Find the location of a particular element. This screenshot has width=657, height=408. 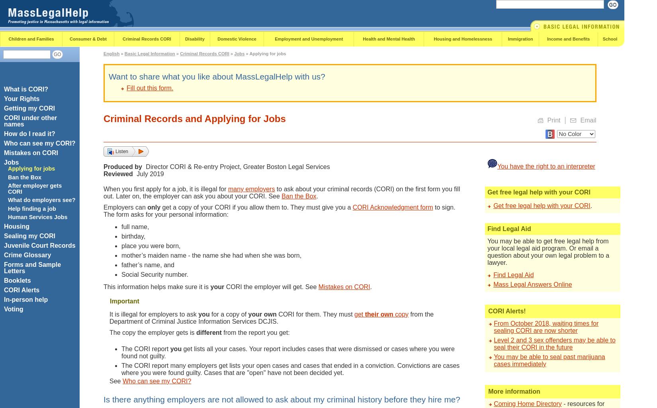

'Children and Families' is located at coordinates (31, 38).